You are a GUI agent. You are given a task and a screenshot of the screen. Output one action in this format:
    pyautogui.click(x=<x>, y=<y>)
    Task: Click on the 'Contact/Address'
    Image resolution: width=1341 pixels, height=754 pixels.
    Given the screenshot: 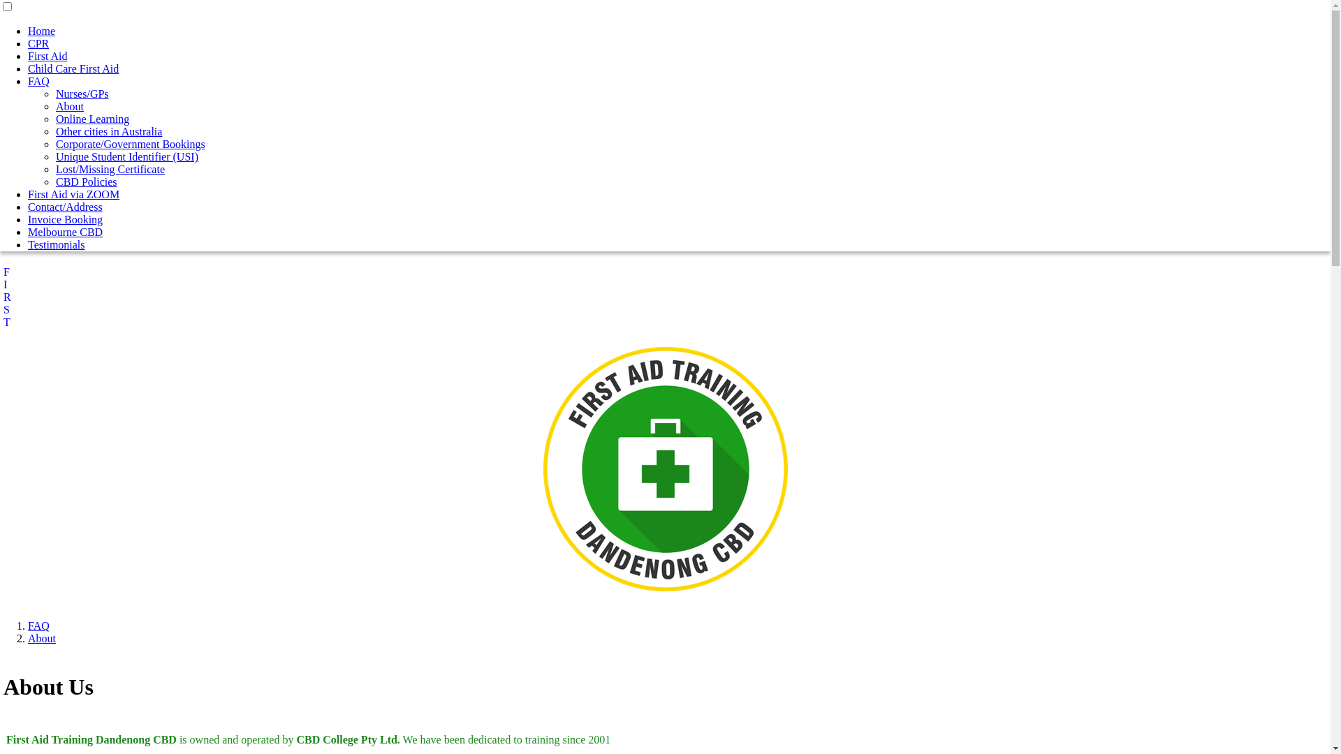 What is the action you would take?
    pyautogui.click(x=64, y=207)
    